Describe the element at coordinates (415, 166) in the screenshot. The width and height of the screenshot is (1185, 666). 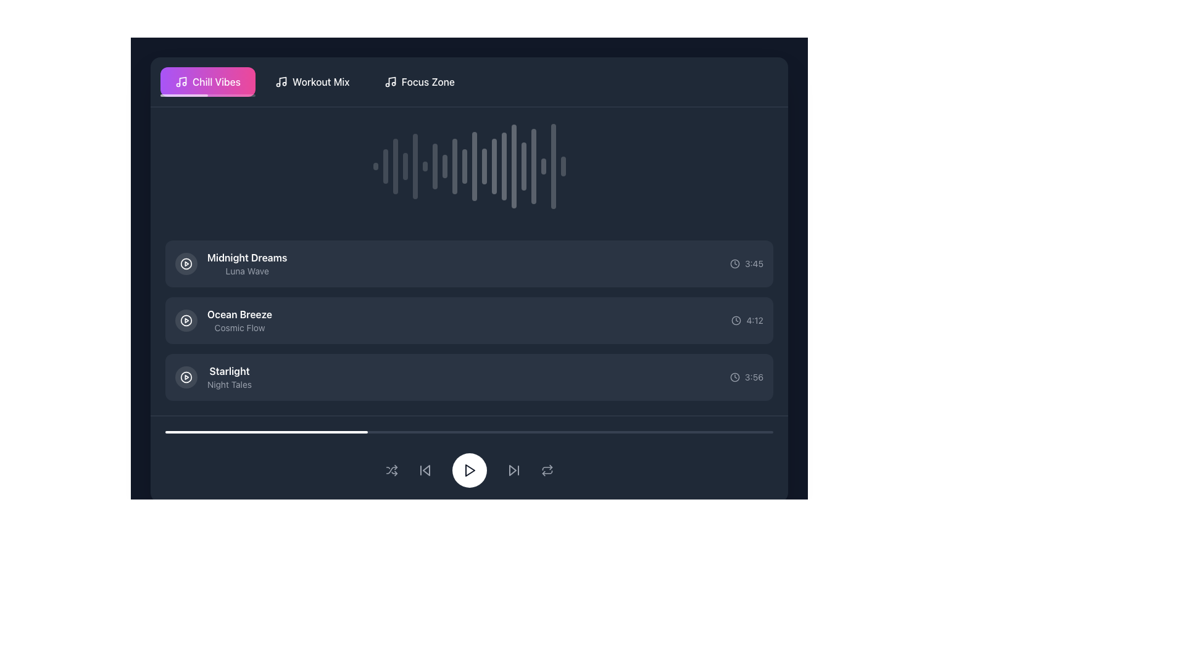
I see `the fifth vertical bar in the waveform visualization, which is characterized by its white color and rounded end, located at the center top of the application interface` at that location.